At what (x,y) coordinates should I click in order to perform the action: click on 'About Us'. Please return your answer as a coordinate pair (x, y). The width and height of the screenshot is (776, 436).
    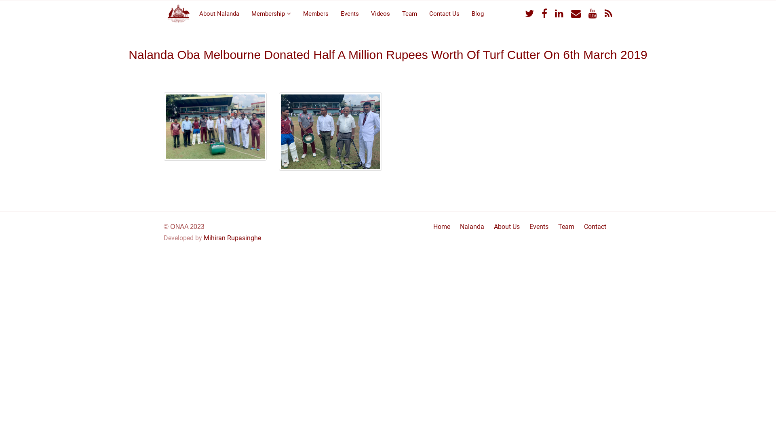
    Looking at the image, I should click on (506, 226).